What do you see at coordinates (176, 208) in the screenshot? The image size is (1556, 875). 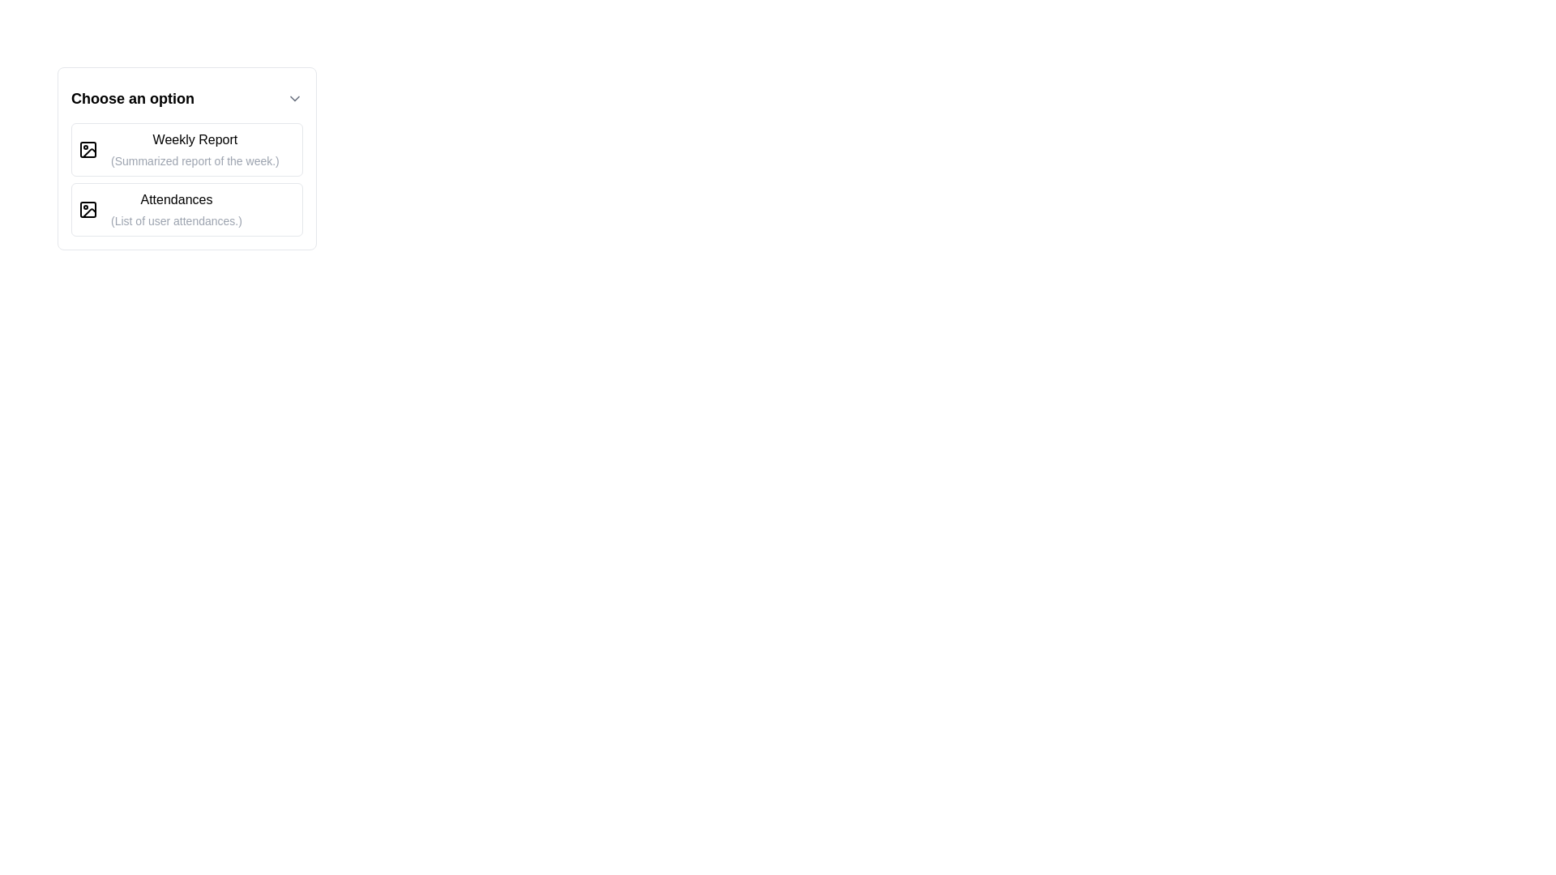 I see `the title of the Attendances menu item, which is the second item in the list located directly under the Weekly Report option` at bounding box center [176, 208].